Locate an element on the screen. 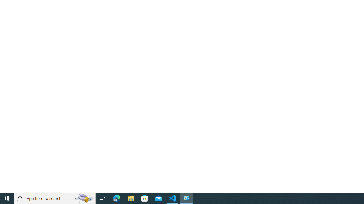  'Control Panel - 1 running window' is located at coordinates (187, 198).